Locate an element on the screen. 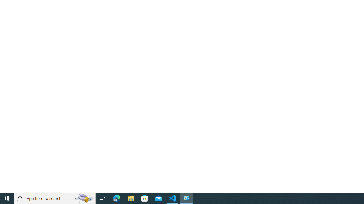  'Control Panel - 1 running window' is located at coordinates (187, 198).